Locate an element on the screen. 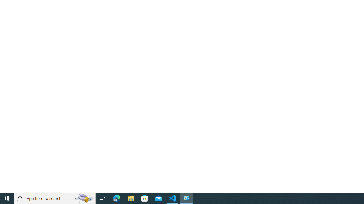  'Control Panel - 1 running window' is located at coordinates (187, 198).